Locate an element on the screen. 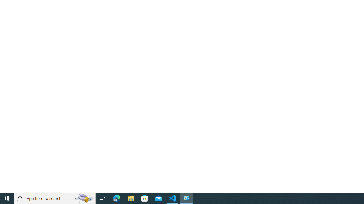  'Control Panel - 1 running window' is located at coordinates (187, 198).